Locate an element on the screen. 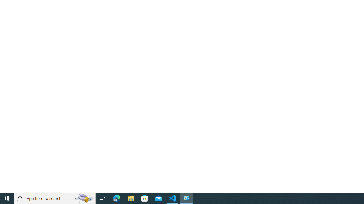  'Control Panel - 1 running window' is located at coordinates (187, 198).